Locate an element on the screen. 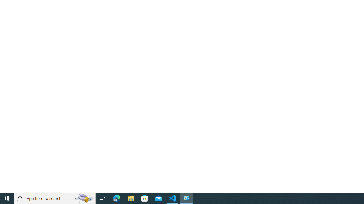  'Control Panel - 1 running window' is located at coordinates (187, 198).